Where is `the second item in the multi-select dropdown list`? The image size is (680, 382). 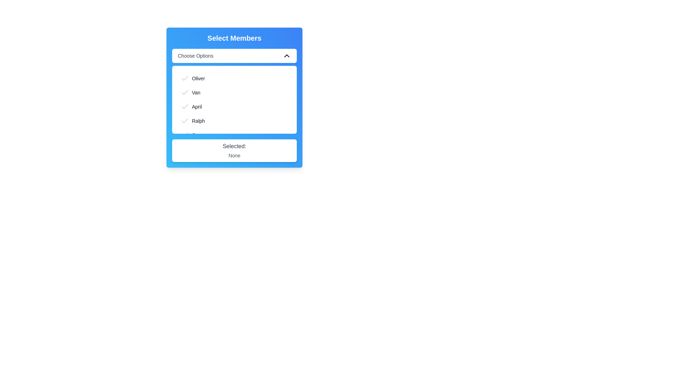 the second item in the multi-select dropdown list is located at coordinates (234, 92).